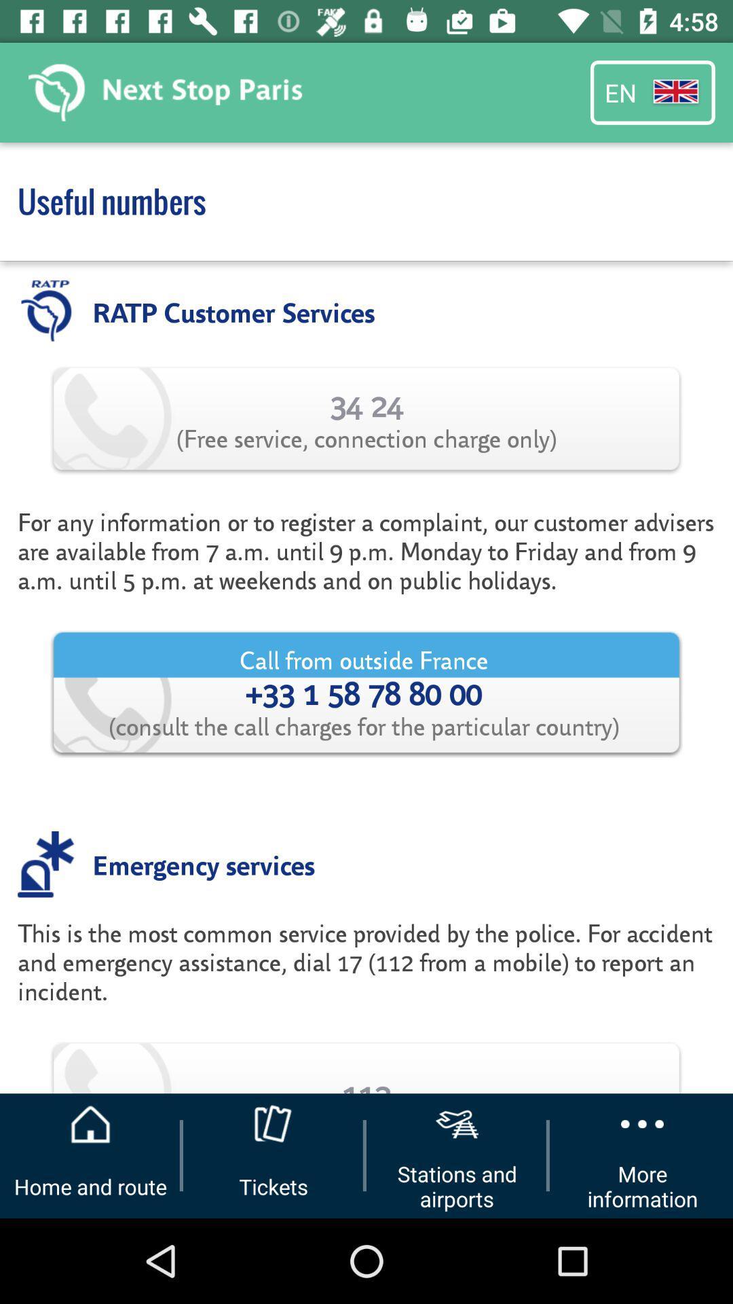 The width and height of the screenshot is (733, 1304). I want to click on ratp customer services, so click(233, 310).